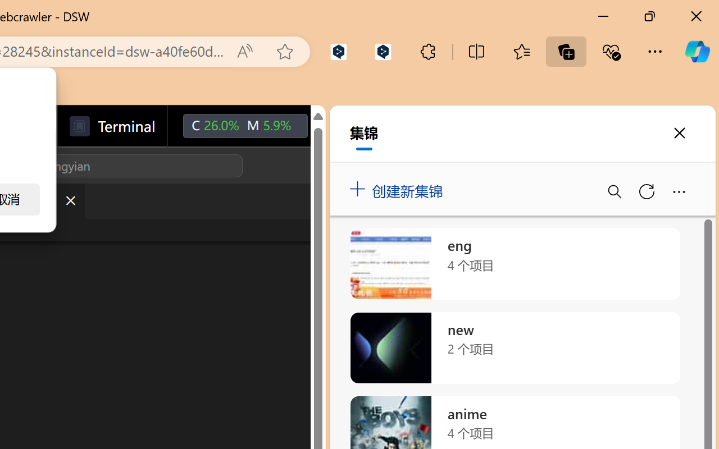 This screenshot has width=719, height=449. Describe the element at coordinates (244, 126) in the screenshot. I see `'C26.0% M5.9%'` at that location.